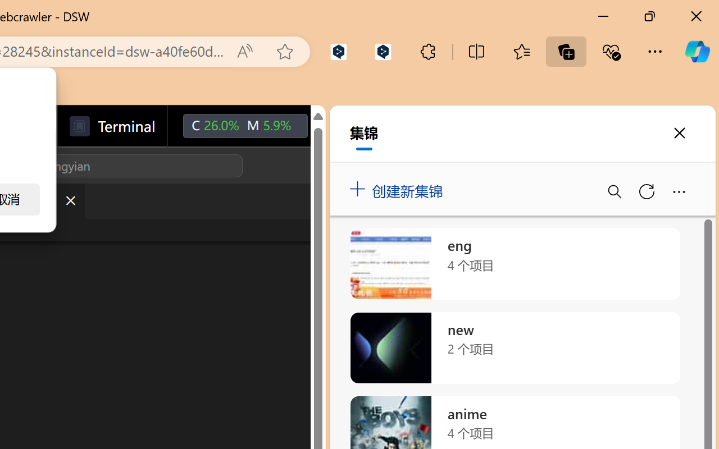 This screenshot has width=719, height=449. Describe the element at coordinates (244, 126) in the screenshot. I see `'C26.0% M5.9%'` at that location.